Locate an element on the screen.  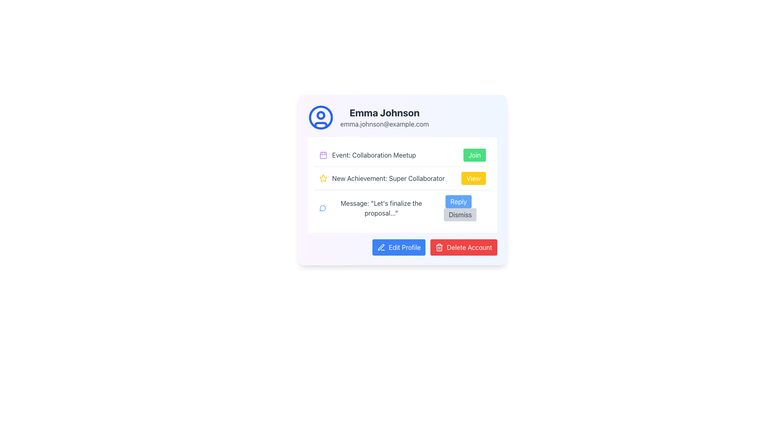
the smaller circle of the user profile icon, which is located near the upper part of the larger circle representing the user icon, positioned to the left of the text 'Emma Johnson' is located at coordinates (320, 115).